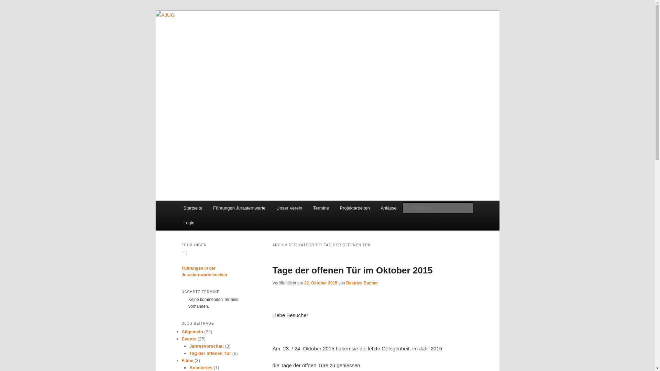 This screenshot has height=371, width=660. What do you see at coordinates (11, 4) in the screenshot?
I see `'Suchen'` at bounding box center [11, 4].